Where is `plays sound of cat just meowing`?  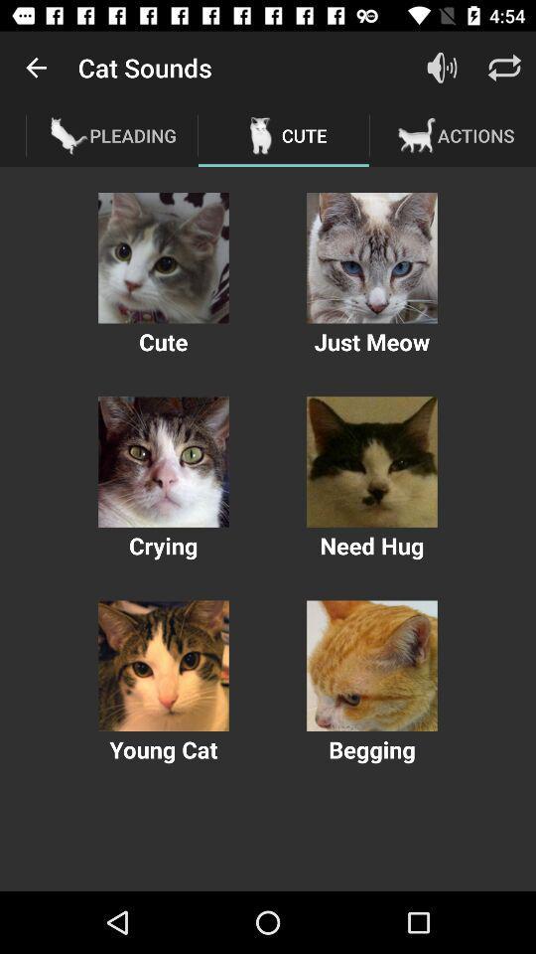 plays sound of cat just meowing is located at coordinates (371, 256).